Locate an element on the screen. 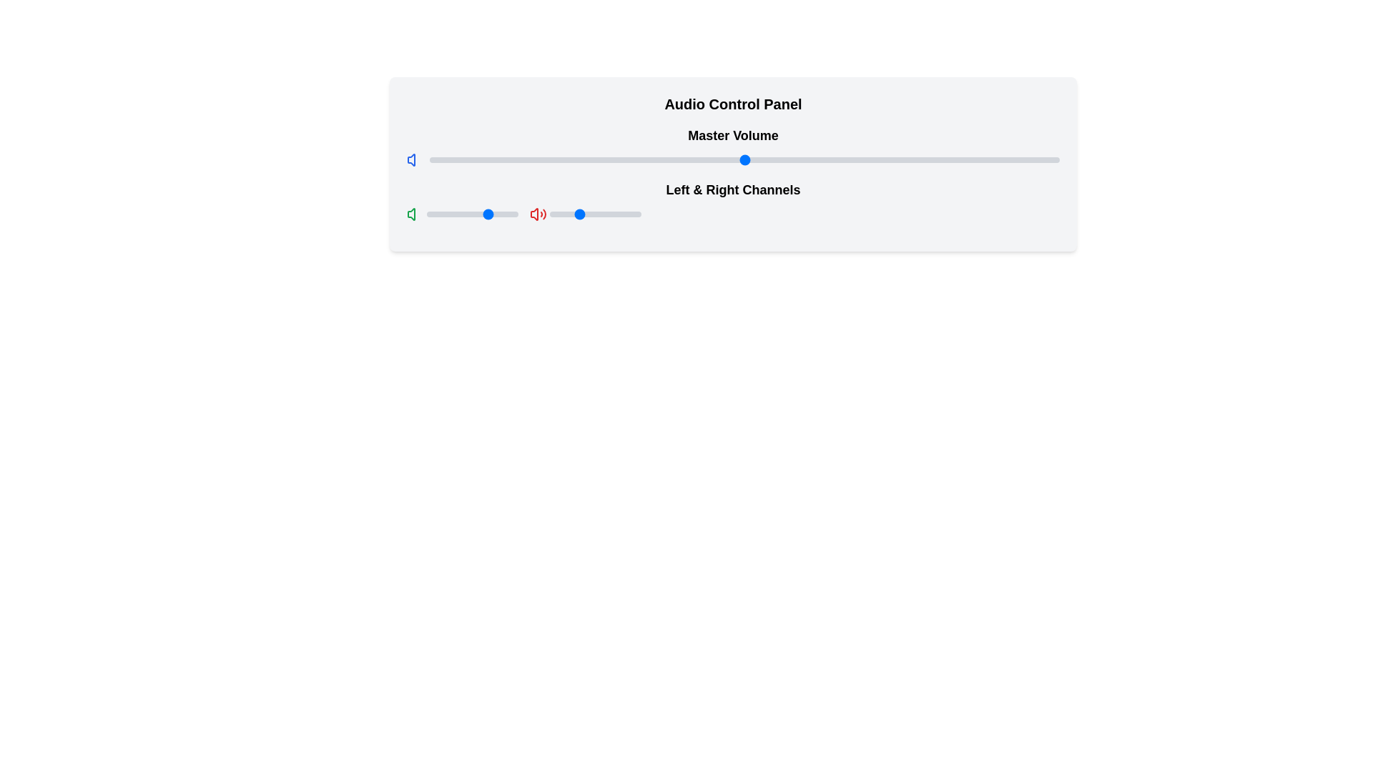  the track of the range slider located between the green volume icon and the red soundwave icon to change the position of the slider is located at coordinates (473, 214).